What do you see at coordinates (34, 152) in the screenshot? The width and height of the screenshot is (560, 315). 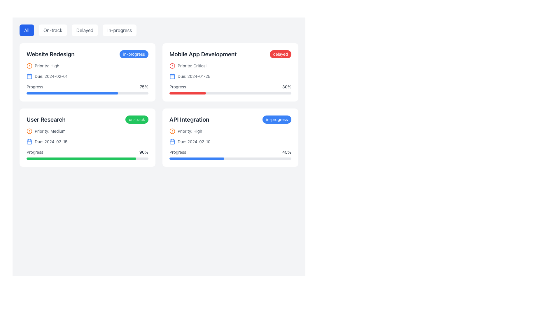 I see `'Progress' text label, which is a small gray-colored label located in the 'User Research' section card, positioned near the bottom of the card and aligned left near a progress bar` at bounding box center [34, 152].